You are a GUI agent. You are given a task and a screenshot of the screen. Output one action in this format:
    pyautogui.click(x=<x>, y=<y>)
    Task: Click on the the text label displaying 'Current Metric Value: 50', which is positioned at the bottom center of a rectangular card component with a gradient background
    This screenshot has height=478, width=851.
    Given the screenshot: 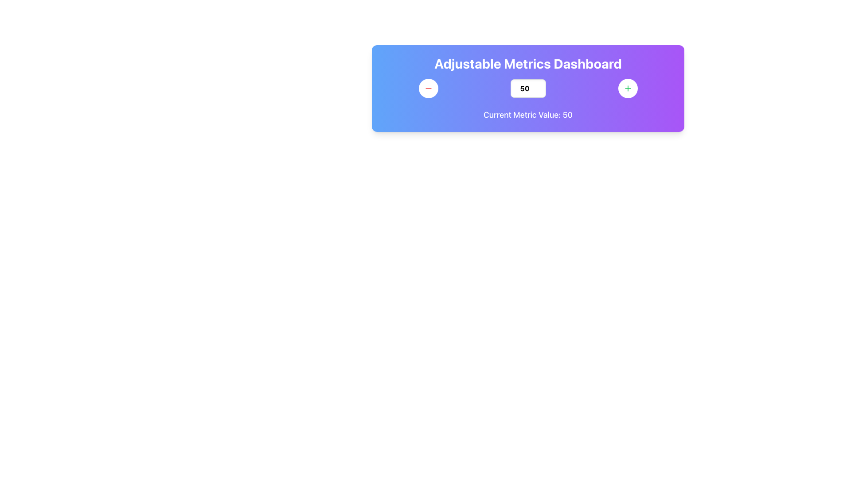 What is the action you would take?
    pyautogui.click(x=528, y=114)
    